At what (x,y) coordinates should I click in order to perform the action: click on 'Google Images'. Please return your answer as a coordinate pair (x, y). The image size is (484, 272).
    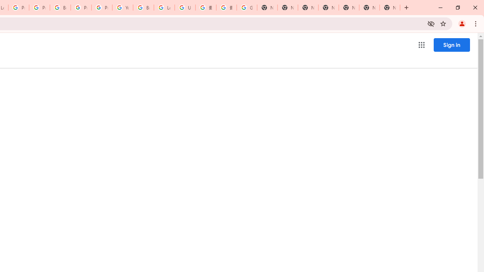
    Looking at the image, I should click on (247, 8).